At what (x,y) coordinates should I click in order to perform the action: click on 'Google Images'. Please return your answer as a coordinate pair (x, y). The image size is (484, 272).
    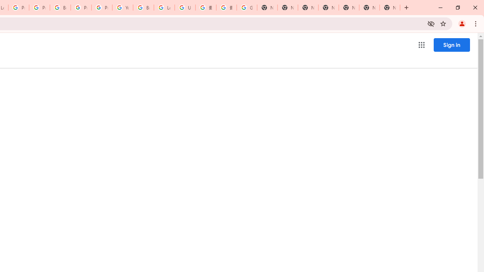
    Looking at the image, I should click on (247, 8).